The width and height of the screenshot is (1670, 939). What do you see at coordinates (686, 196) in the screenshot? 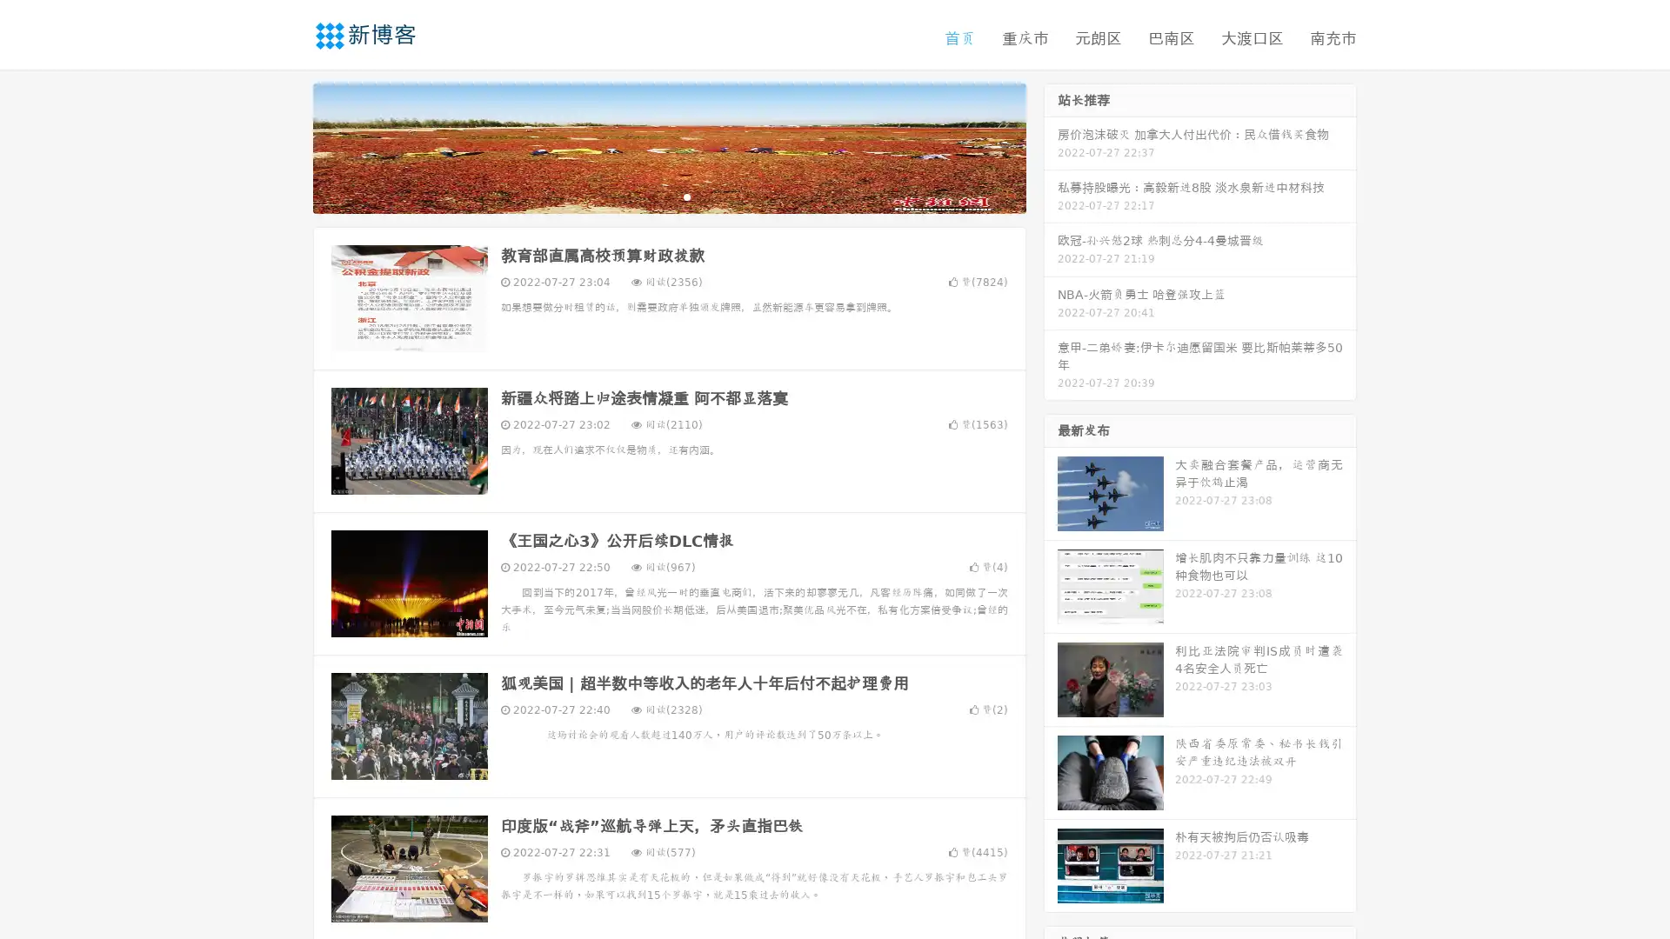
I see `Go to slide 3` at bounding box center [686, 196].